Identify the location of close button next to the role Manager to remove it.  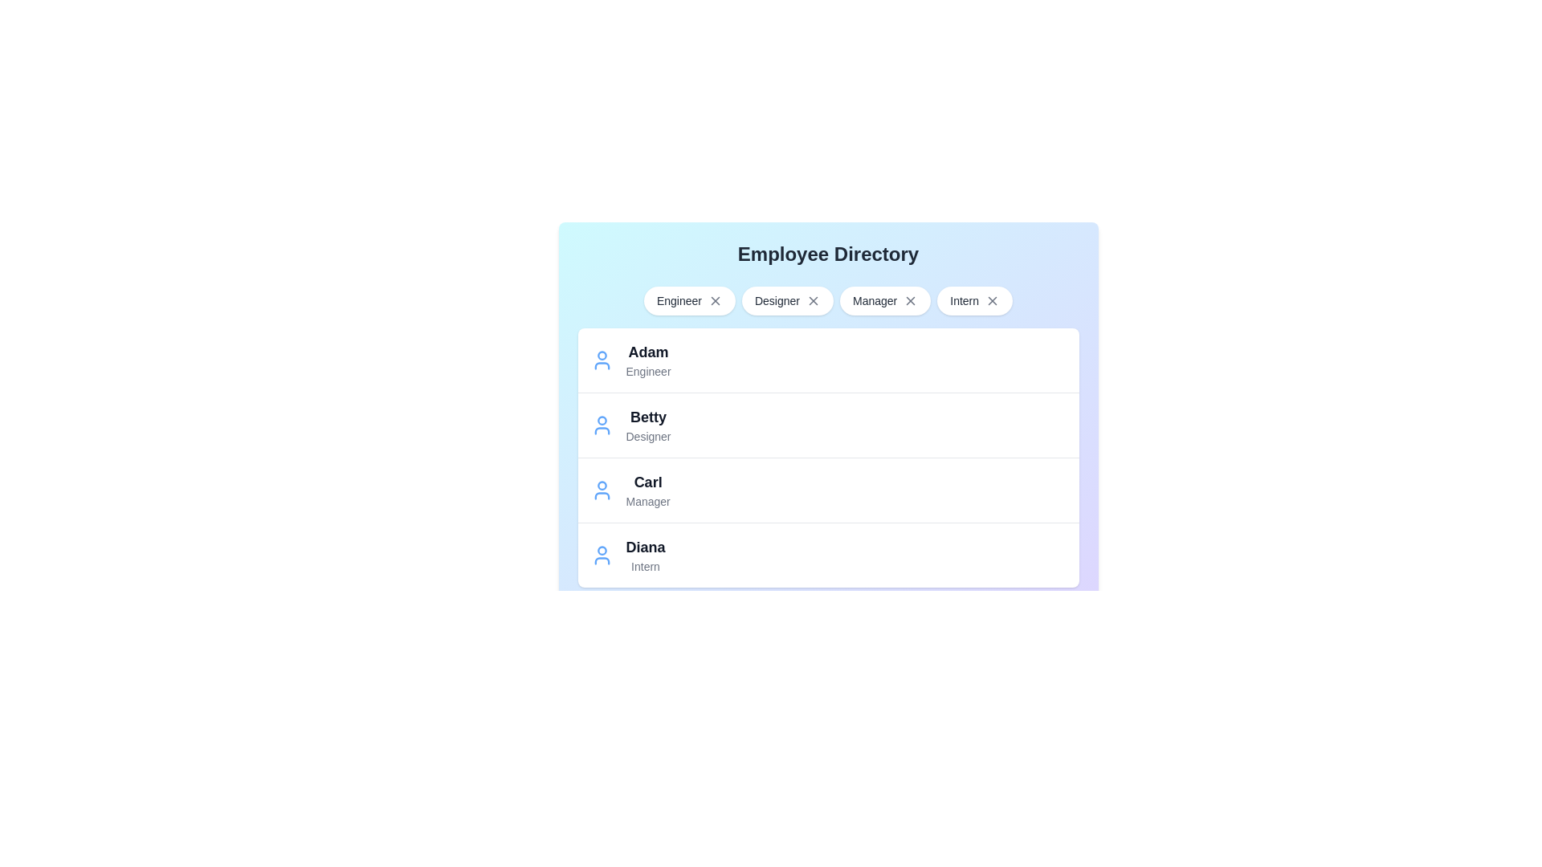
(911, 300).